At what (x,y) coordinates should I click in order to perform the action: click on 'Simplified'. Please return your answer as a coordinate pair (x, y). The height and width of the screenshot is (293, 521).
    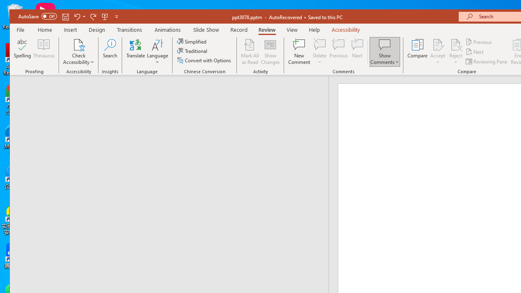
    Looking at the image, I should click on (192, 42).